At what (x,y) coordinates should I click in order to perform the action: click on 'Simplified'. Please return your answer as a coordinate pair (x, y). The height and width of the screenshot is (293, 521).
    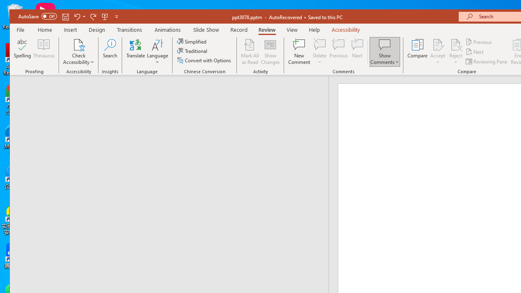
    Looking at the image, I should click on (192, 42).